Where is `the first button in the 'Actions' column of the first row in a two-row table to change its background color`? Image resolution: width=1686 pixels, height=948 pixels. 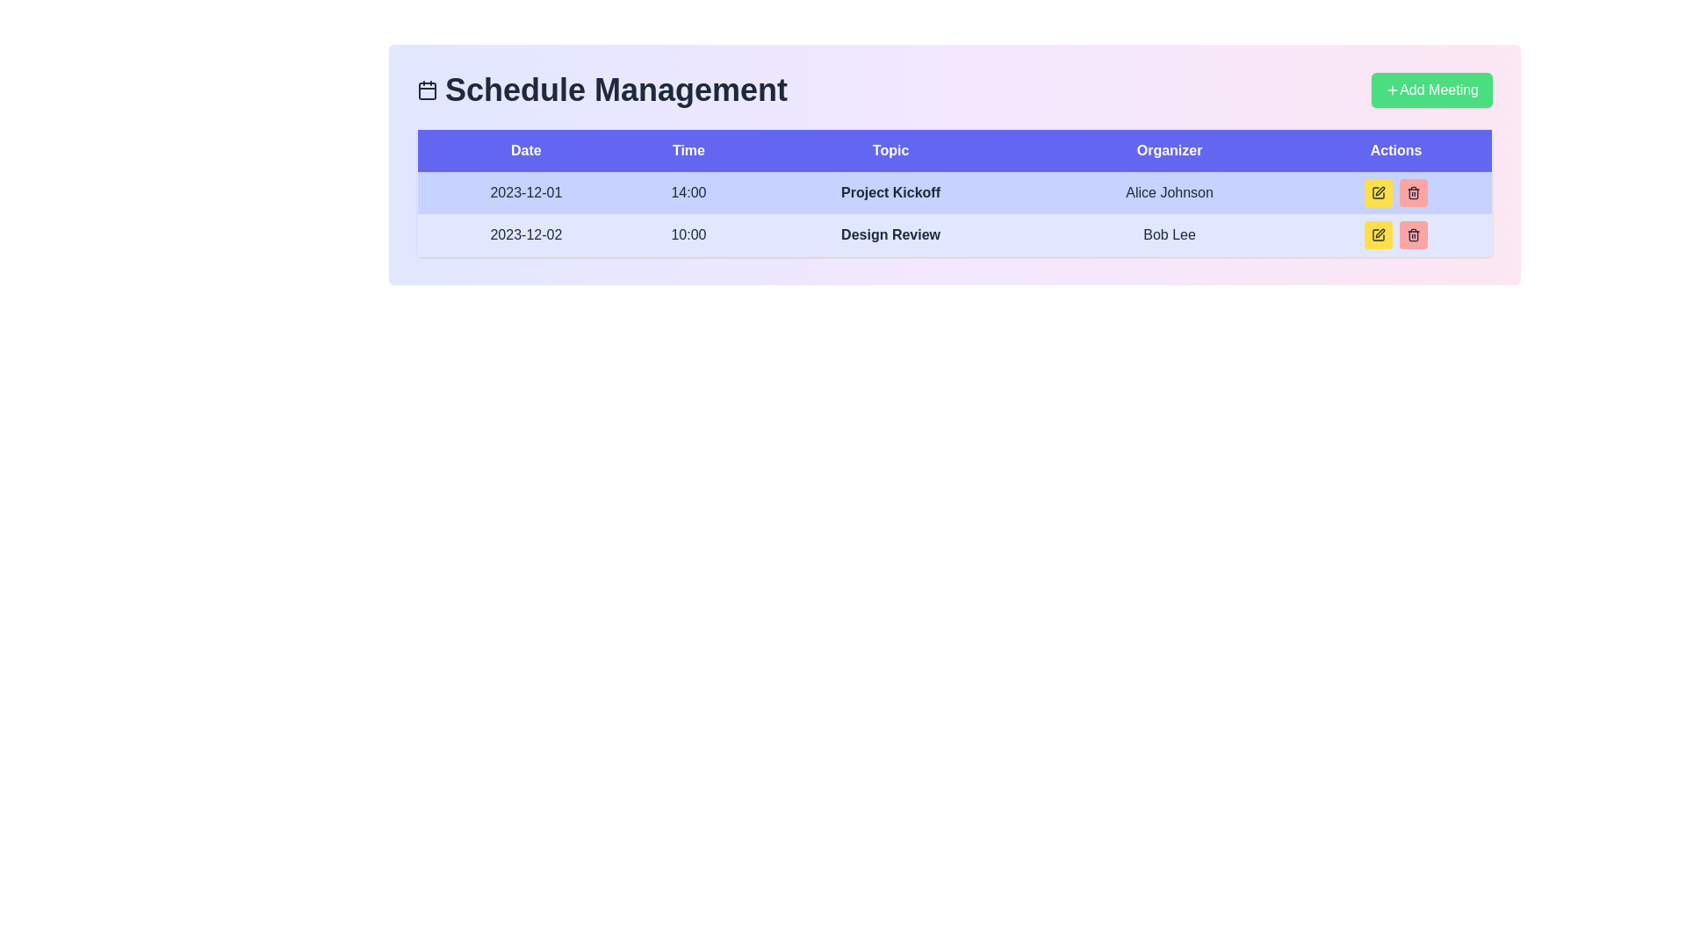
the first button in the 'Actions' column of the first row in a two-row table to change its background color is located at coordinates (1377, 192).